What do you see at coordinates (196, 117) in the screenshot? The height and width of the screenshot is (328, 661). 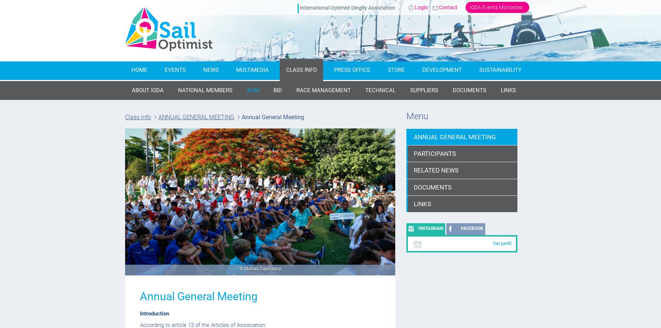 I see `'ANNUAL GENERAL MEETING'` at bounding box center [196, 117].